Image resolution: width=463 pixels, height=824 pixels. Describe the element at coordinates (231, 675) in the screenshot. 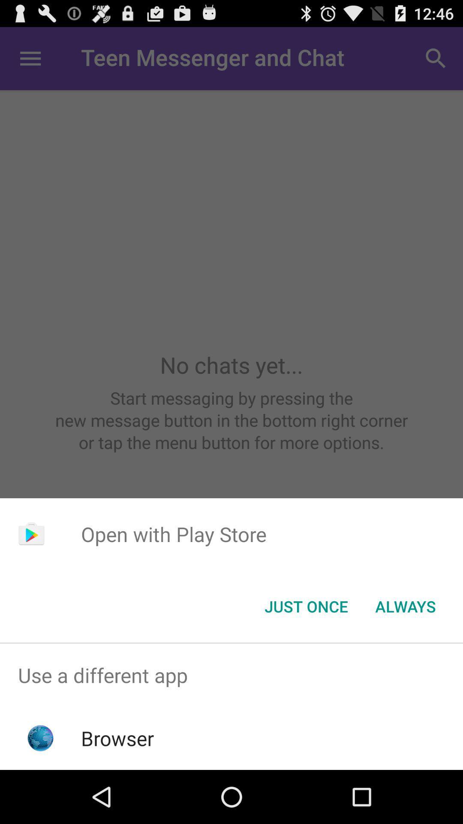

I see `use a different icon` at that location.